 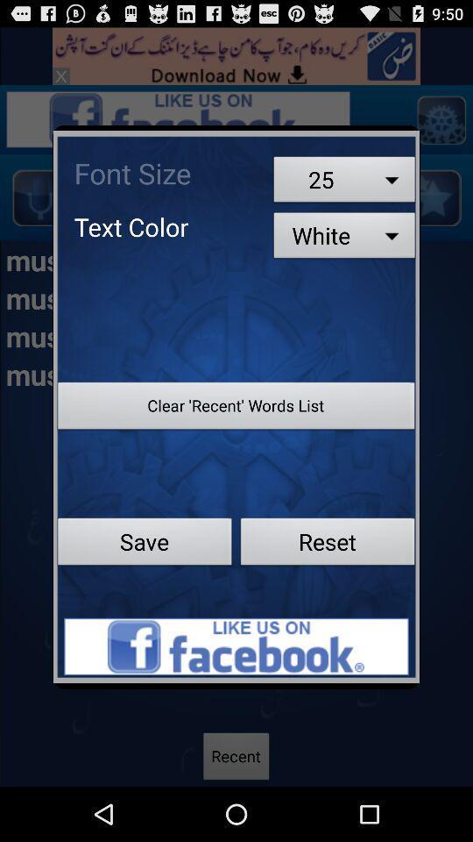 What do you see at coordinates (236, 646) in the screenshot?
I see `open advertisement` at bounding box center [236, 646].